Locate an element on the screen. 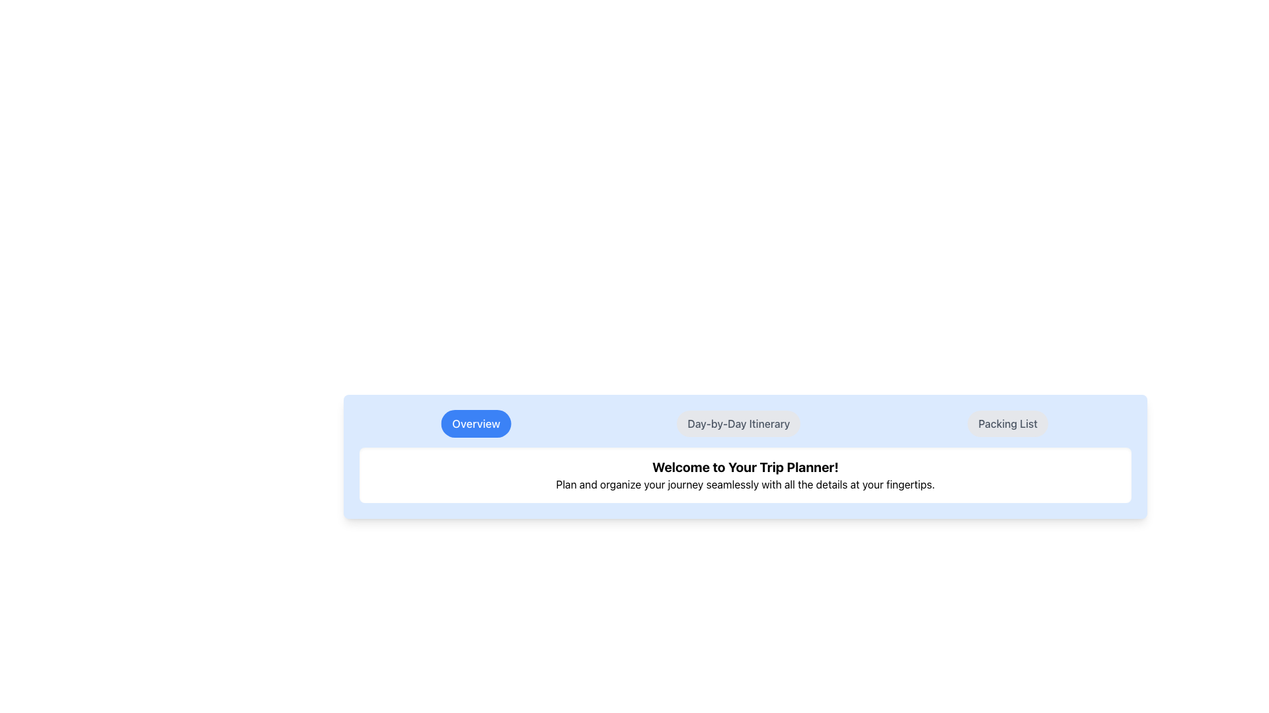 The image size is (1269, 713). the static informational text block displaying the title 'Welcome to Your Trip Planner!' which is centrally positioned below the button row is located at coordinates (746, 475).